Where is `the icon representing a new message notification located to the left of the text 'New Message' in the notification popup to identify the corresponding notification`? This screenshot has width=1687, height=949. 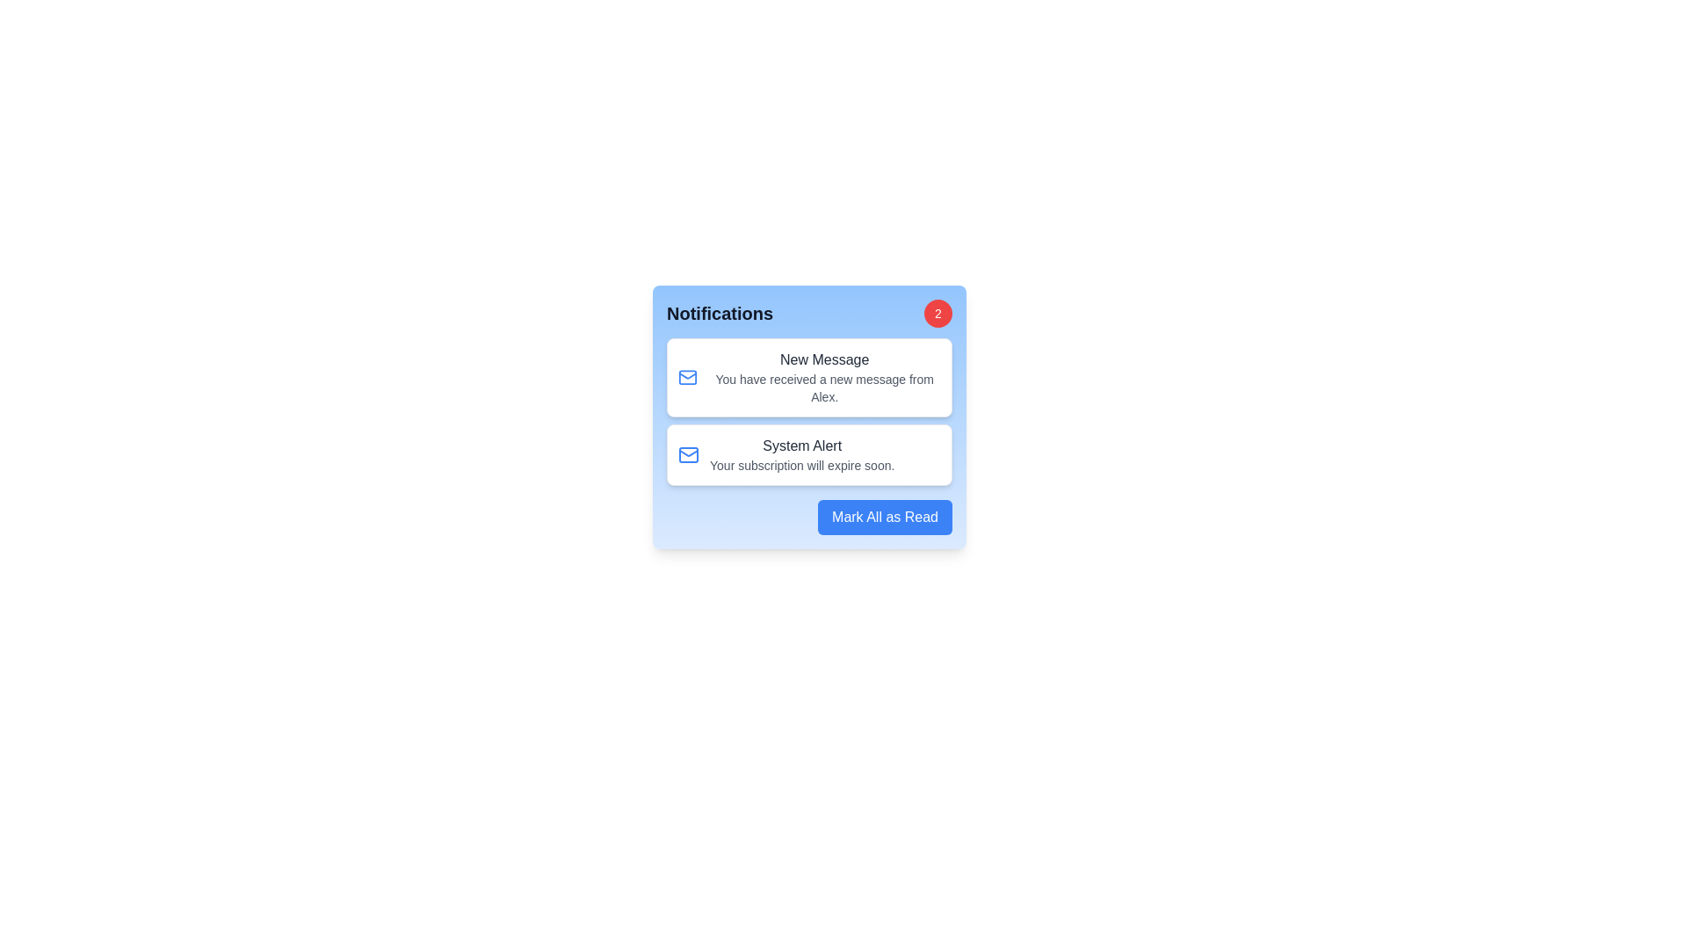
the icon representing a new message notification located to the left of the text 'New Message' in the notification popup to identify the corresponding notification is located at coordinates (687, 376).